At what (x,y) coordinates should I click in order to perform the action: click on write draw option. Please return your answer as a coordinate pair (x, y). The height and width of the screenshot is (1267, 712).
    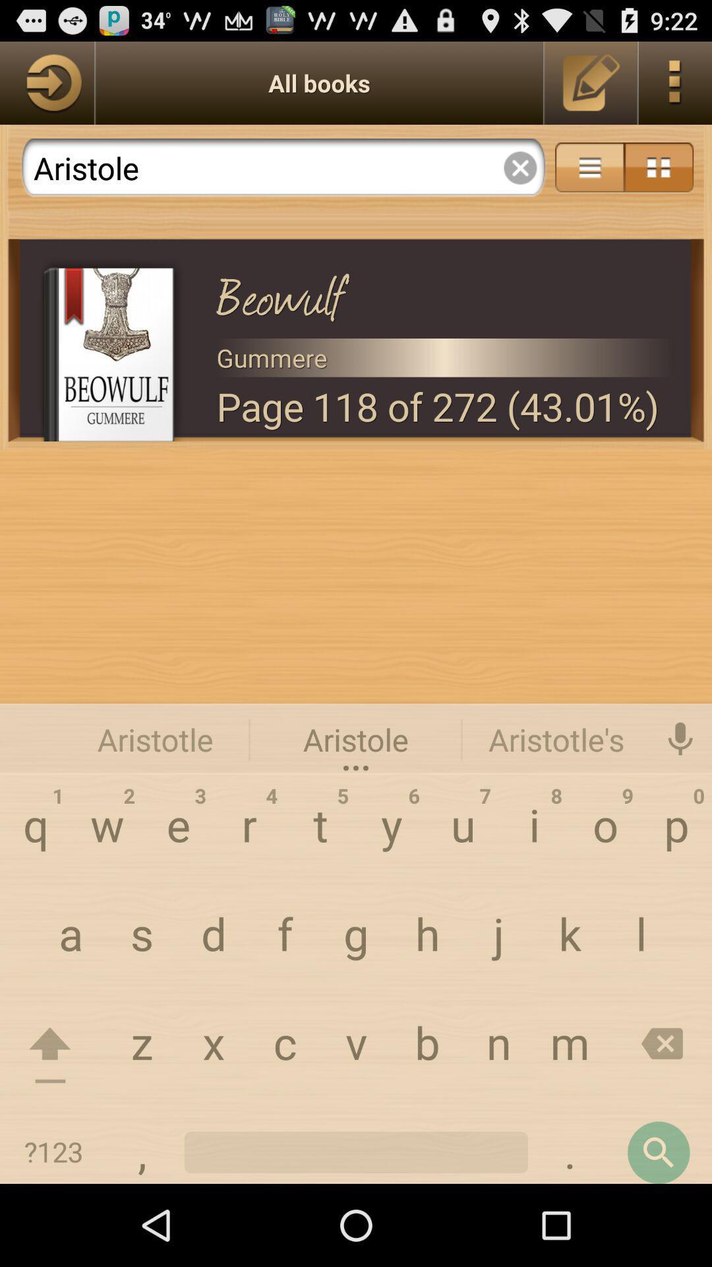
    Looking at the image, I should click on (591, 82).